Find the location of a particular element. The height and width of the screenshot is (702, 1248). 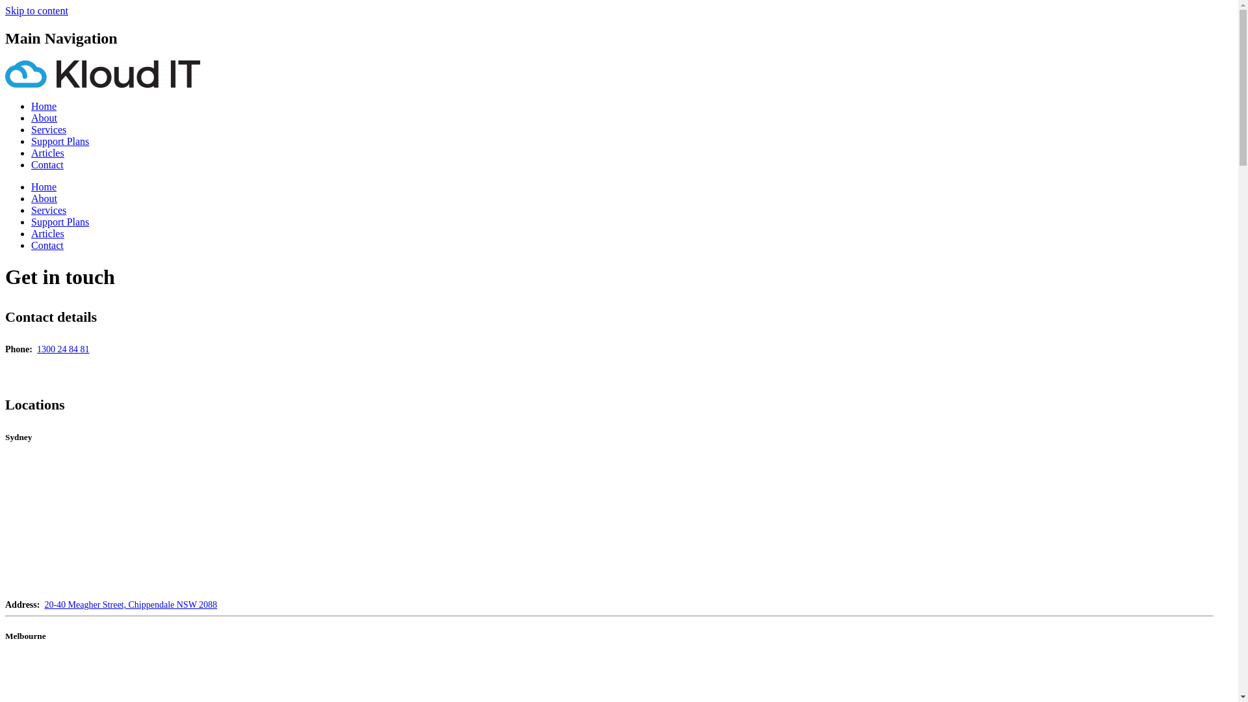

'Articles' is located at coordinates (31, 233).